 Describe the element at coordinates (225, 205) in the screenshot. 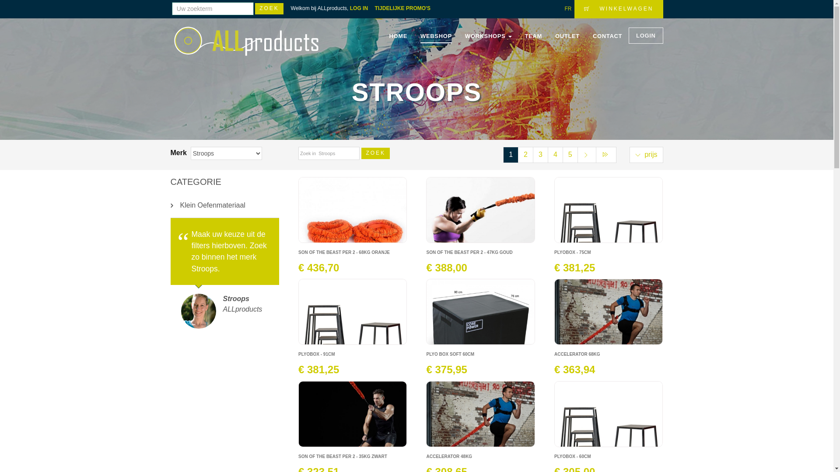

I see `'Klein Oefenmateriaal'` at that location.